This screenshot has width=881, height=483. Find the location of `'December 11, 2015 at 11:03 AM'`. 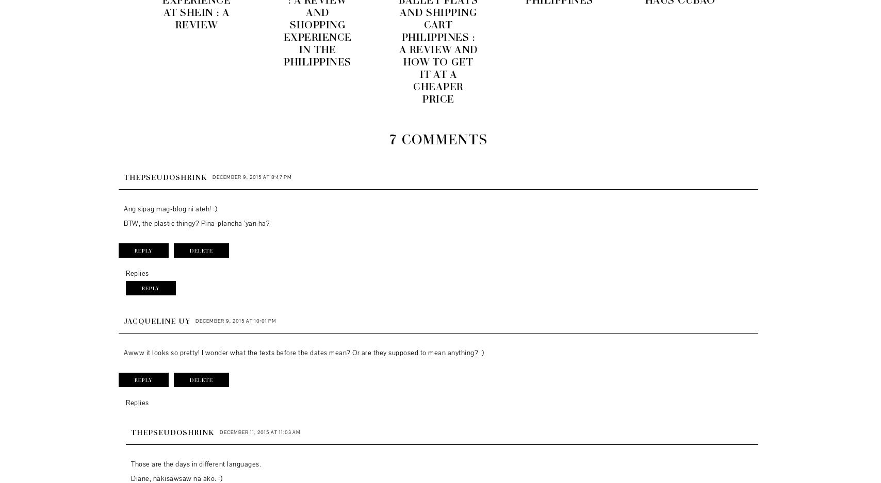

'December 11, 2015 at 11:03 AM' is located at coordinates (260, 431).